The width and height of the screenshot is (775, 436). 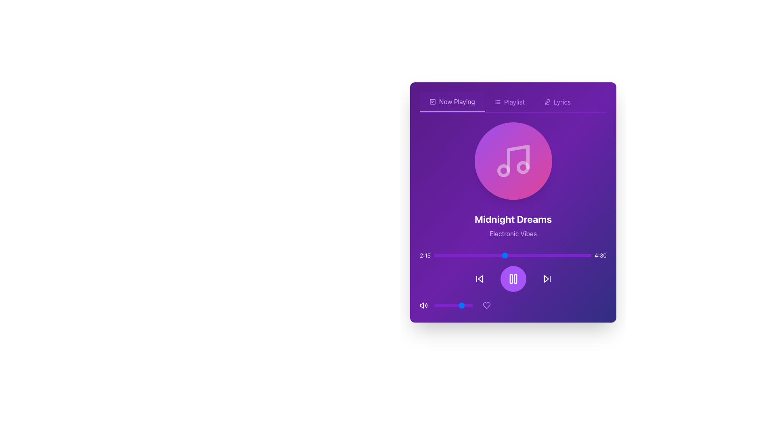 I want to click on the forward-skip icon button located at the bottom-right corner of the media player interface, so click(x=547, y=278).